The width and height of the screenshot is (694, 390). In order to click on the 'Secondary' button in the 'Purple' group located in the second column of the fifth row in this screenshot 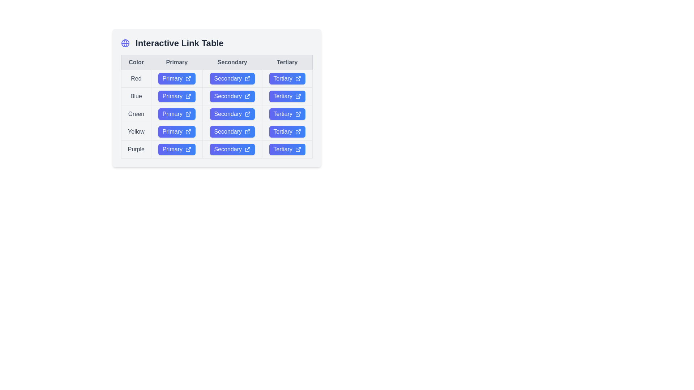, I will do `click(217, 149)`.